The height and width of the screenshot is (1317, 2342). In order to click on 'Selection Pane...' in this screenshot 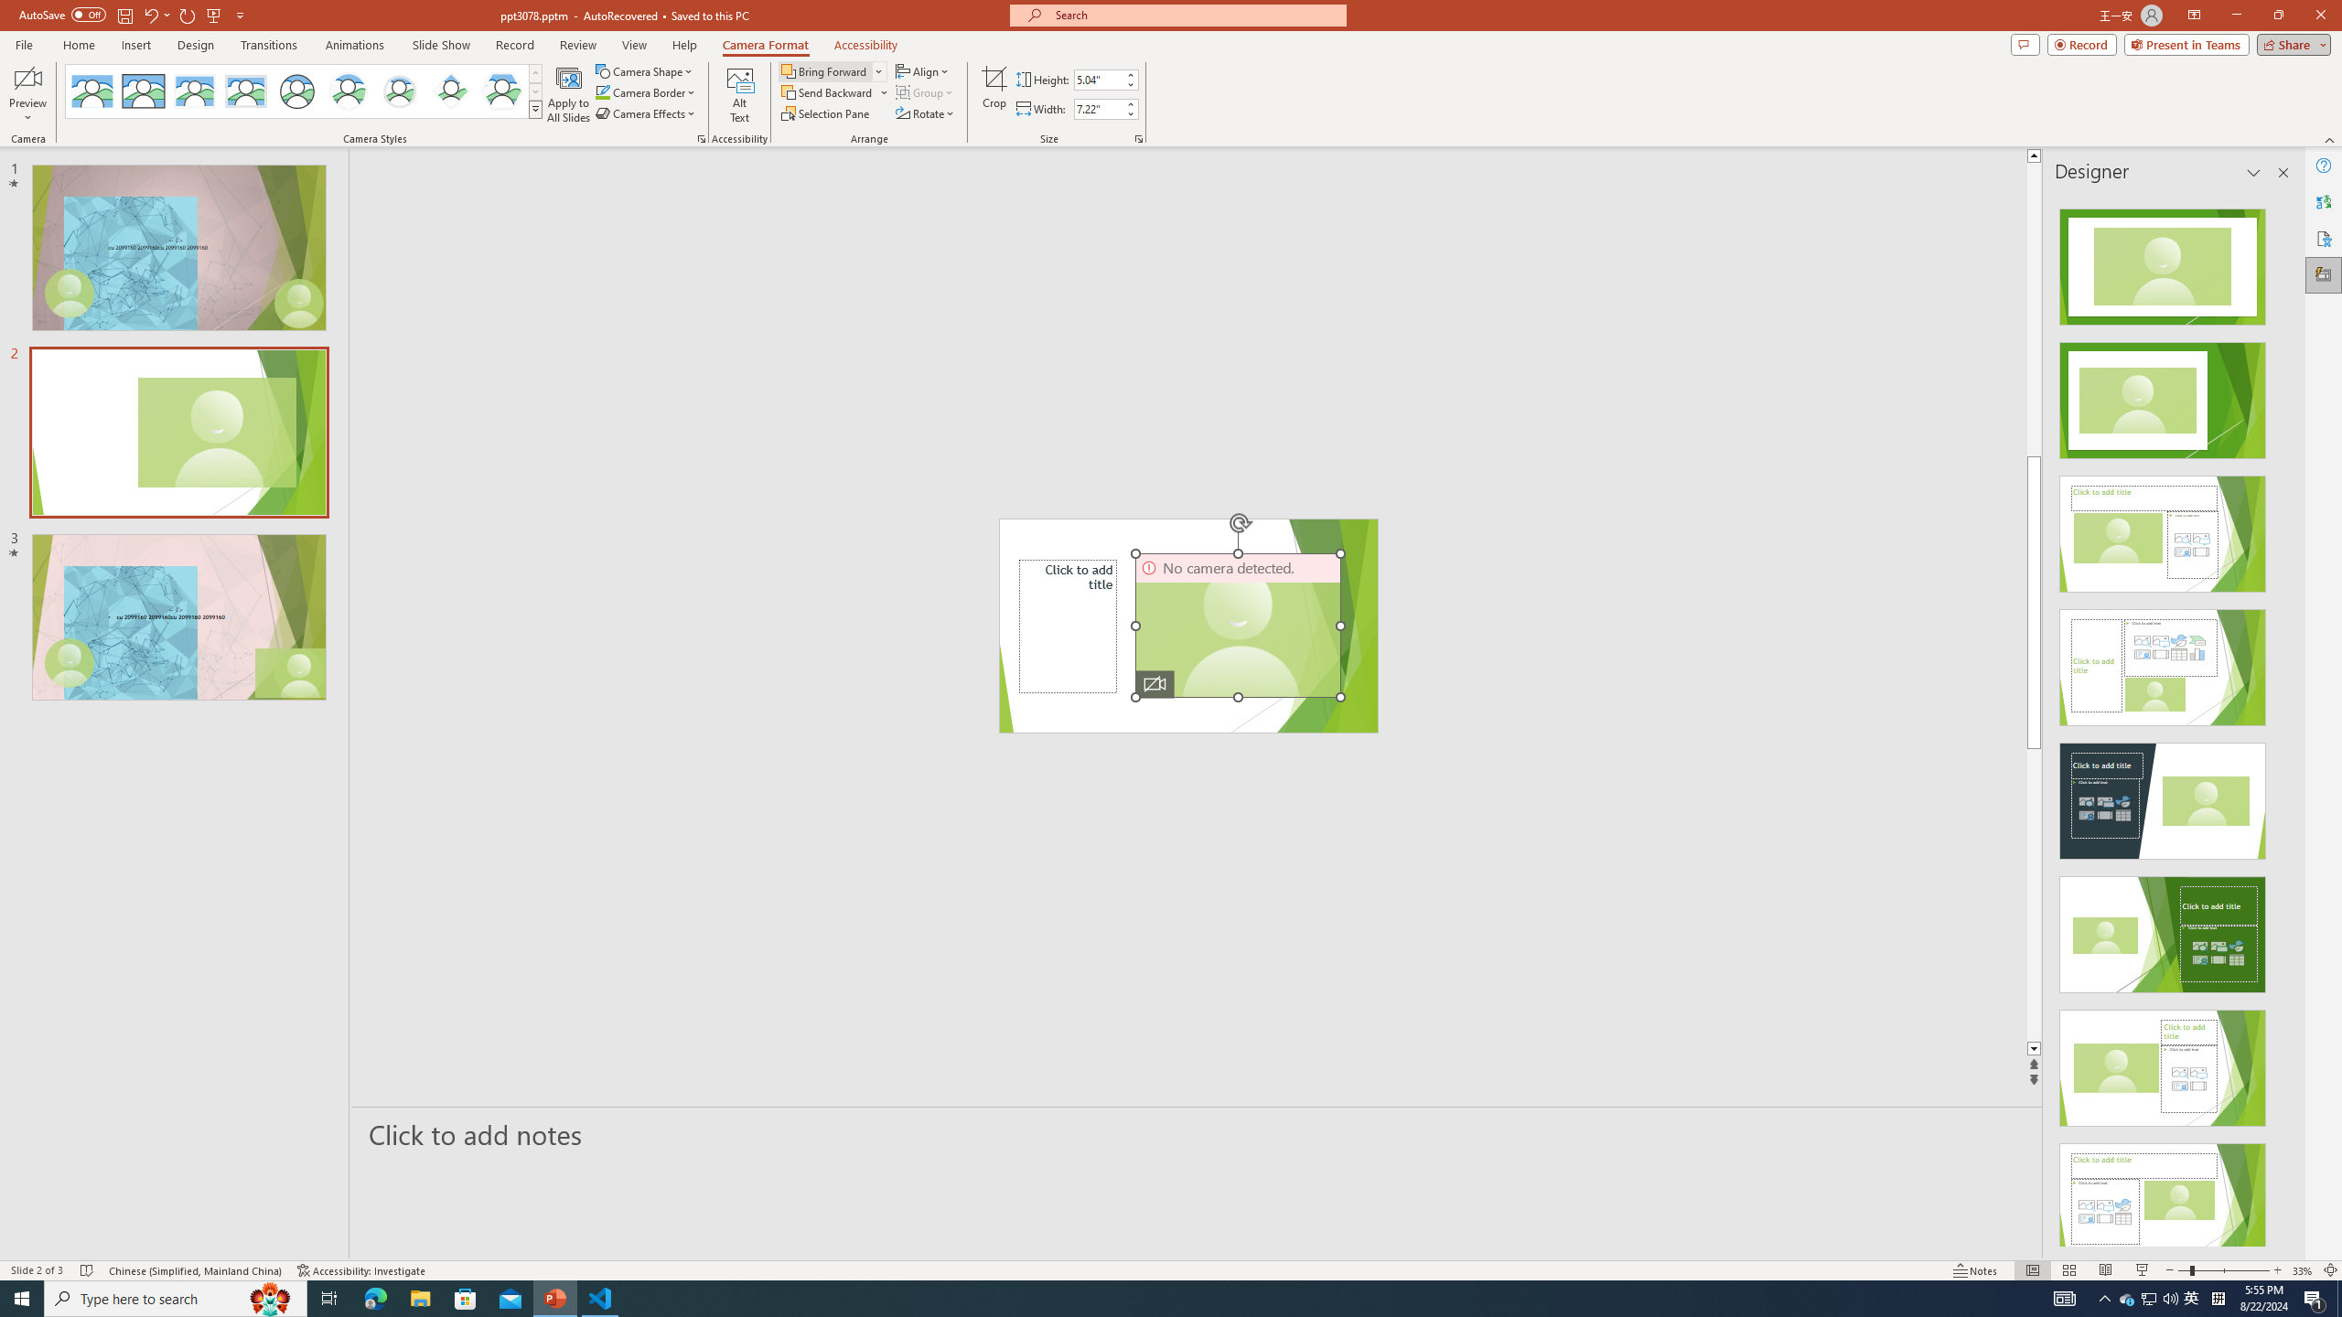, I will do `click(825, 112)`.